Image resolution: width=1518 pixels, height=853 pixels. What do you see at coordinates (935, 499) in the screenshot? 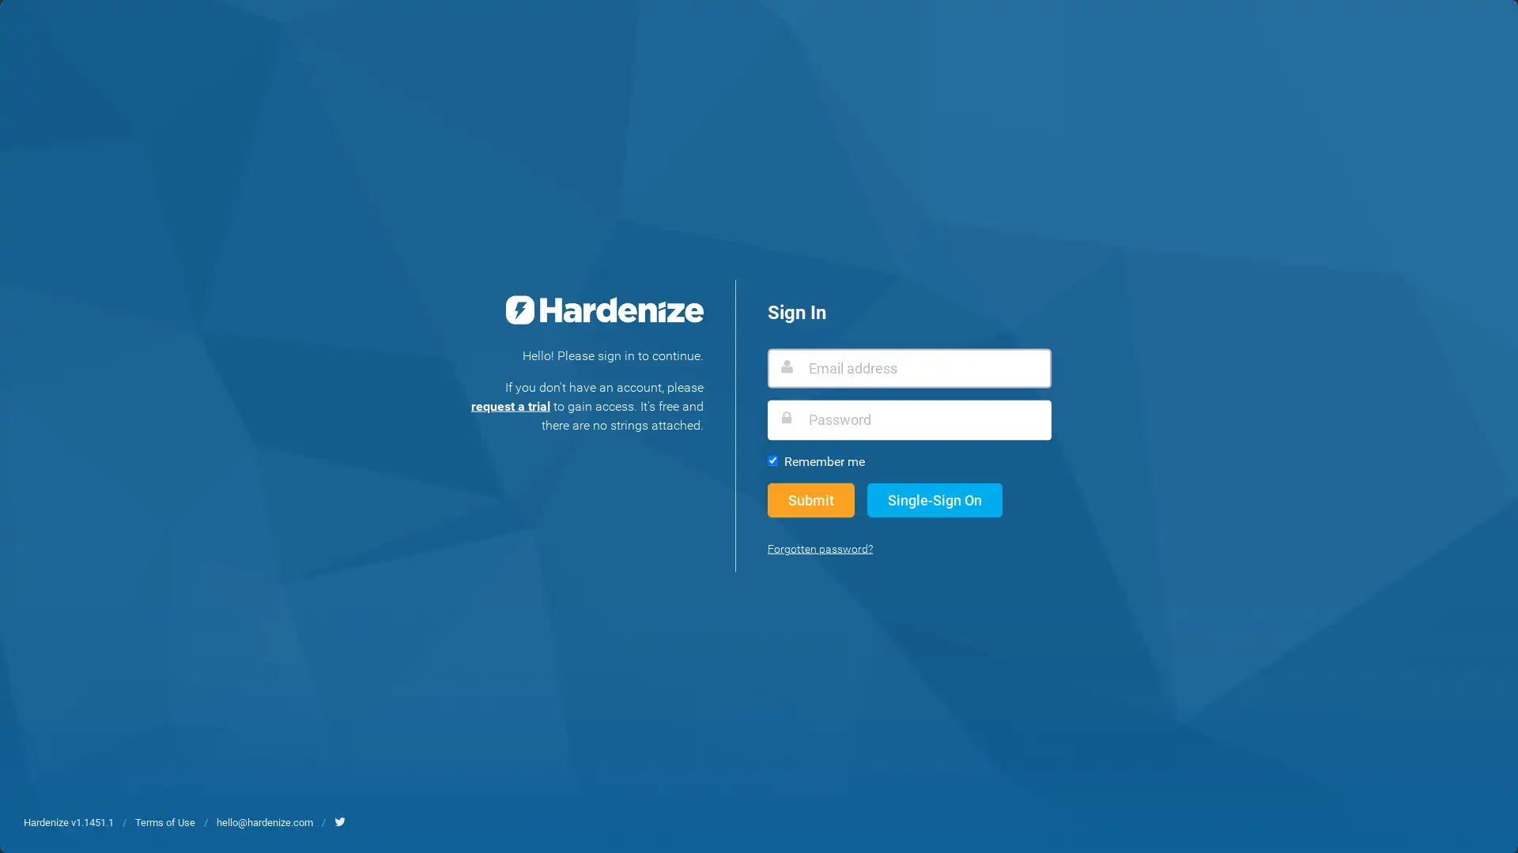
I see `Single-Sign On` at bounding box center [935, 499].